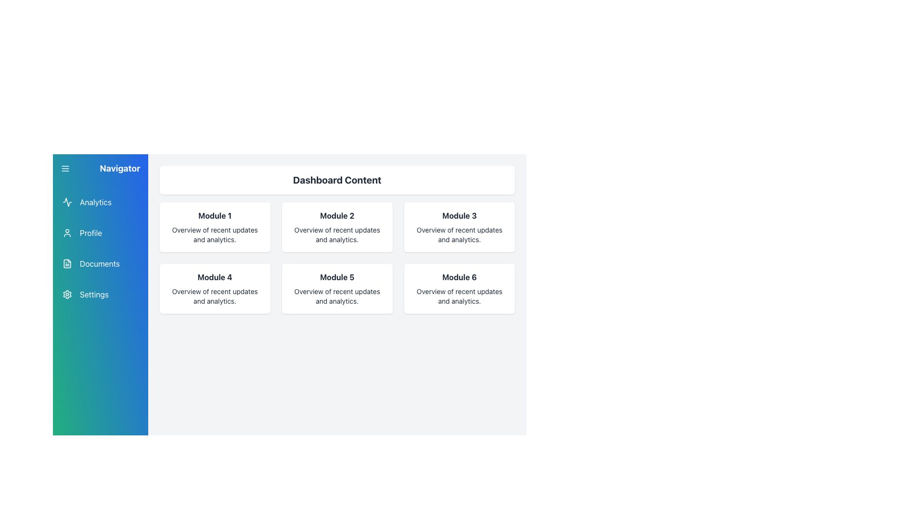 The height and width of the screenshot is (519, 924). What do you see at coordinates (66, 201) in the screenshot?
I see `the 'Analytics' icon located in the sidebar menu under the 'Navigator' label` at bounding box center [66, 201].